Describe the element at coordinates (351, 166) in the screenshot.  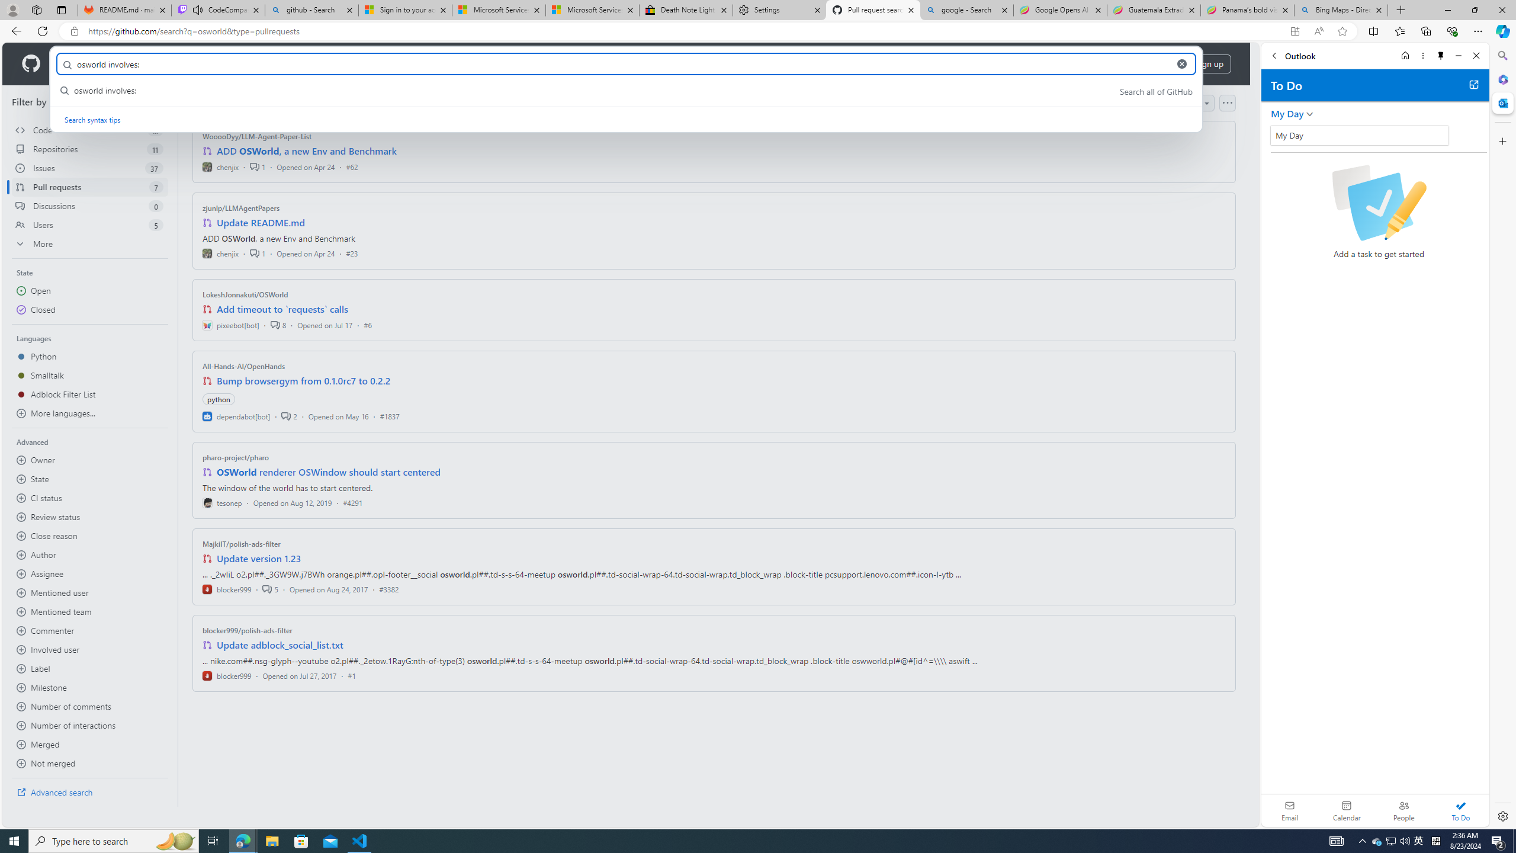
I see `'#62'` at that location.